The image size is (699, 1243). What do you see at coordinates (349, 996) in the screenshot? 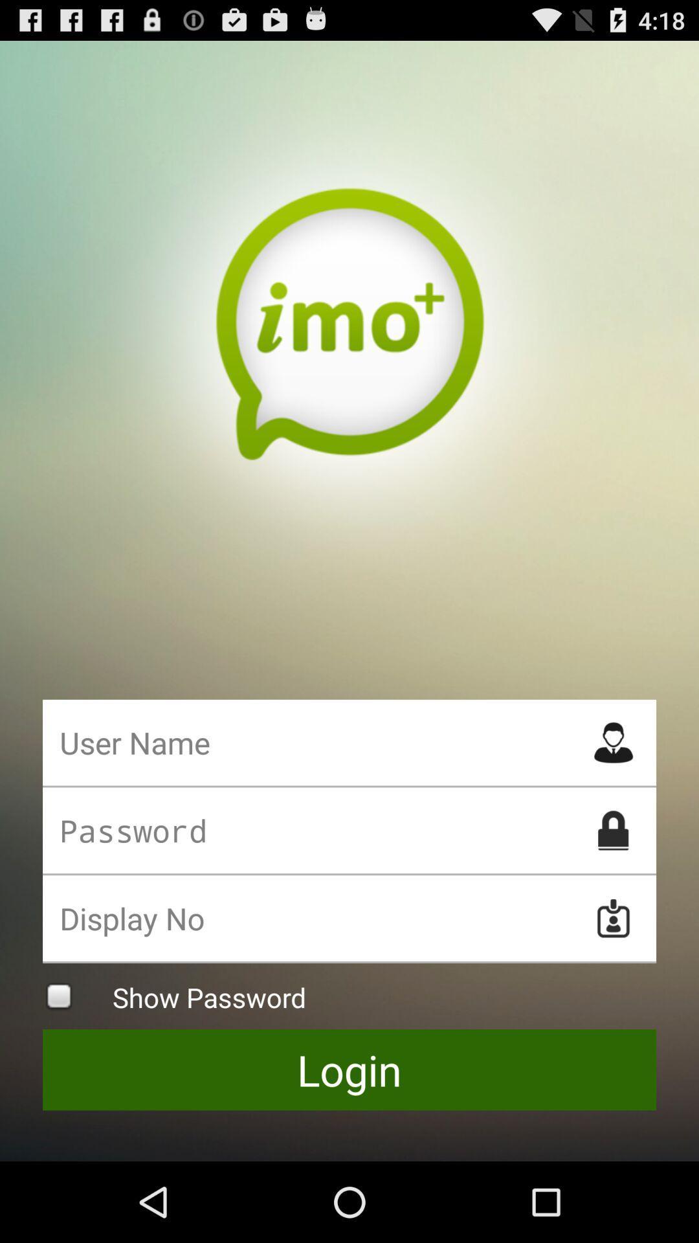
I see `show password checkbox` at bounding box center [349, 996].